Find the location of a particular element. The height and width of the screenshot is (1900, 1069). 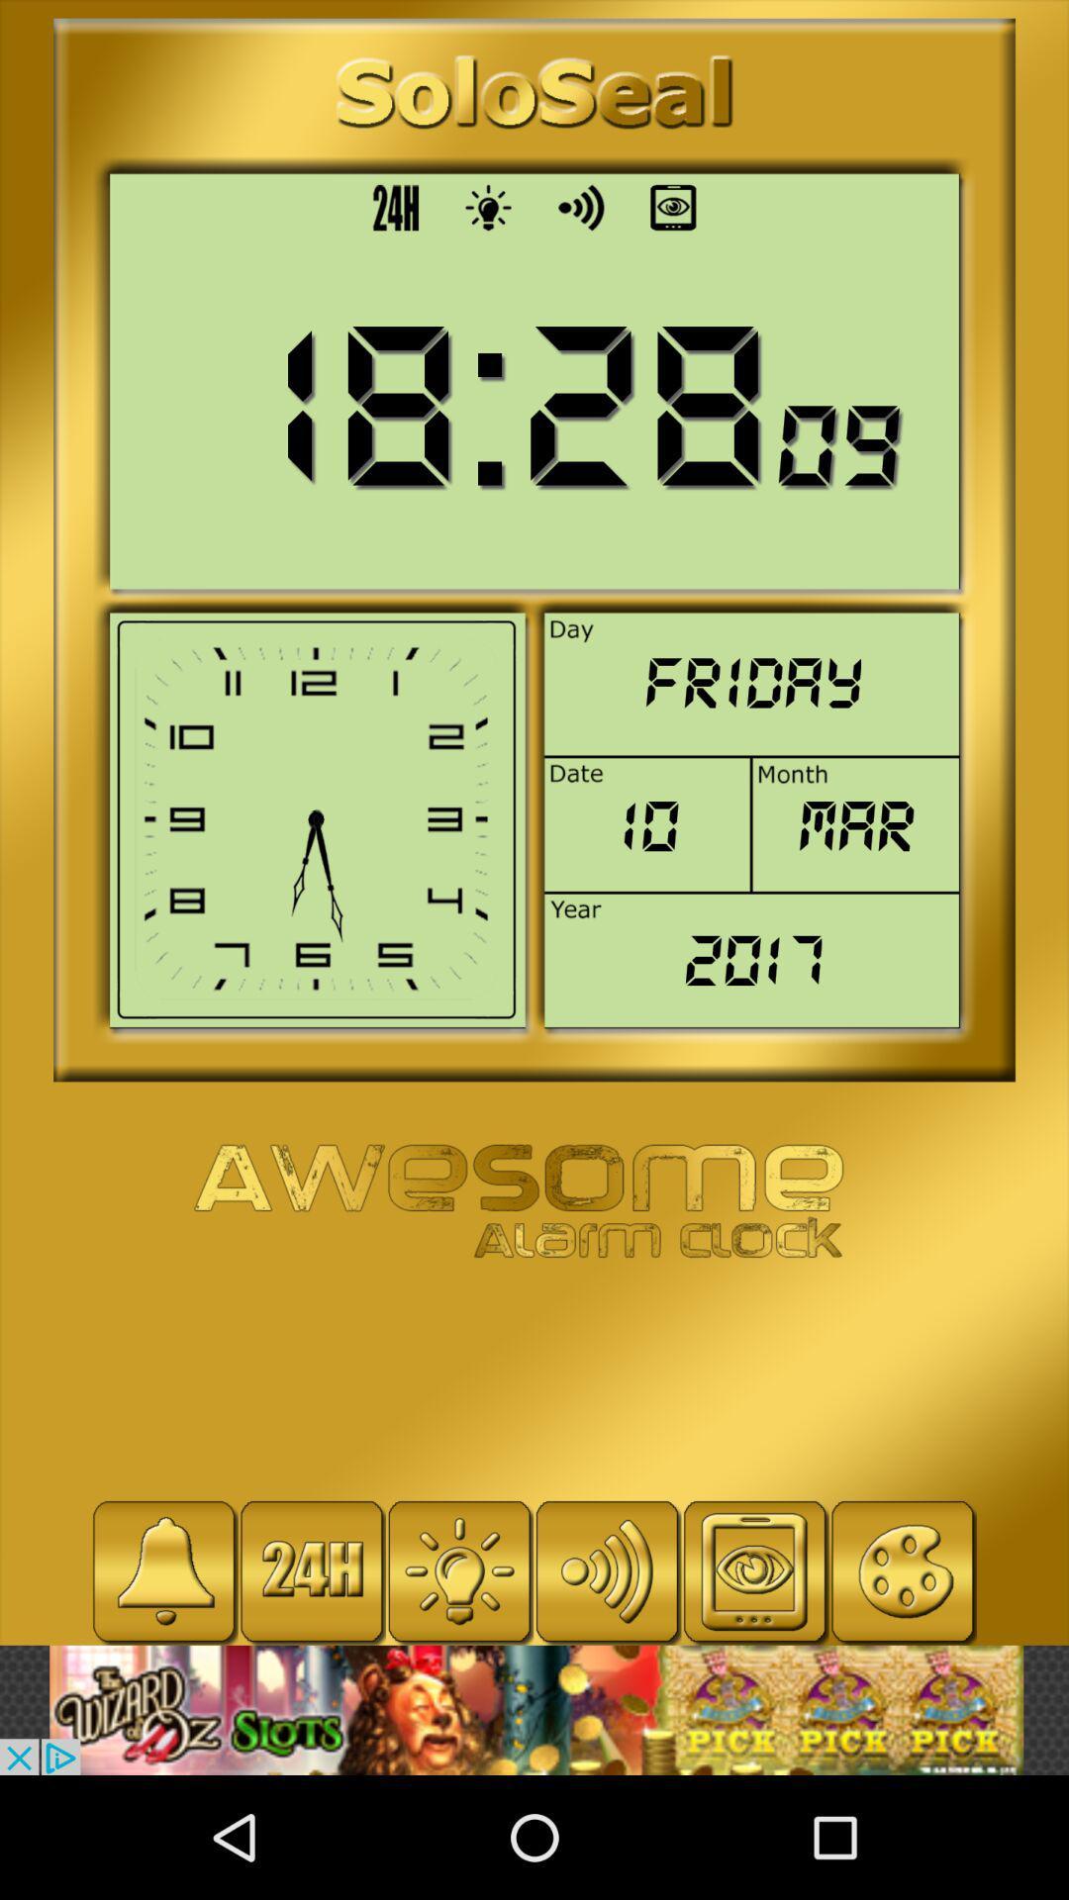

open paint is located at coordinates (903, 1570).